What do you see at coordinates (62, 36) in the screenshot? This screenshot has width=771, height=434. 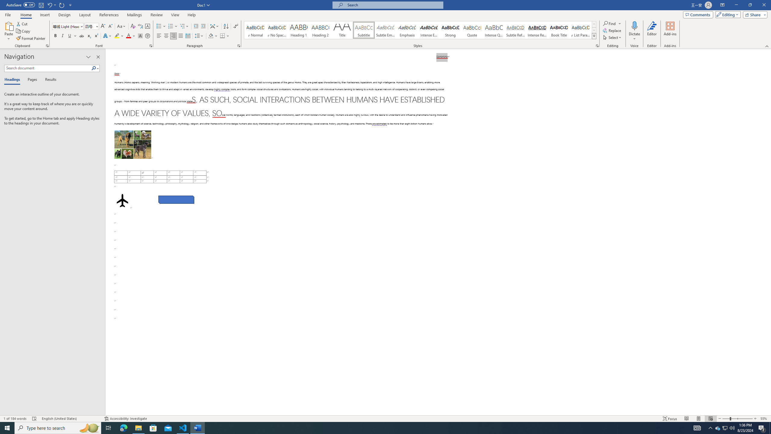 I see `'Italic'` at bounding box center [62, 36].